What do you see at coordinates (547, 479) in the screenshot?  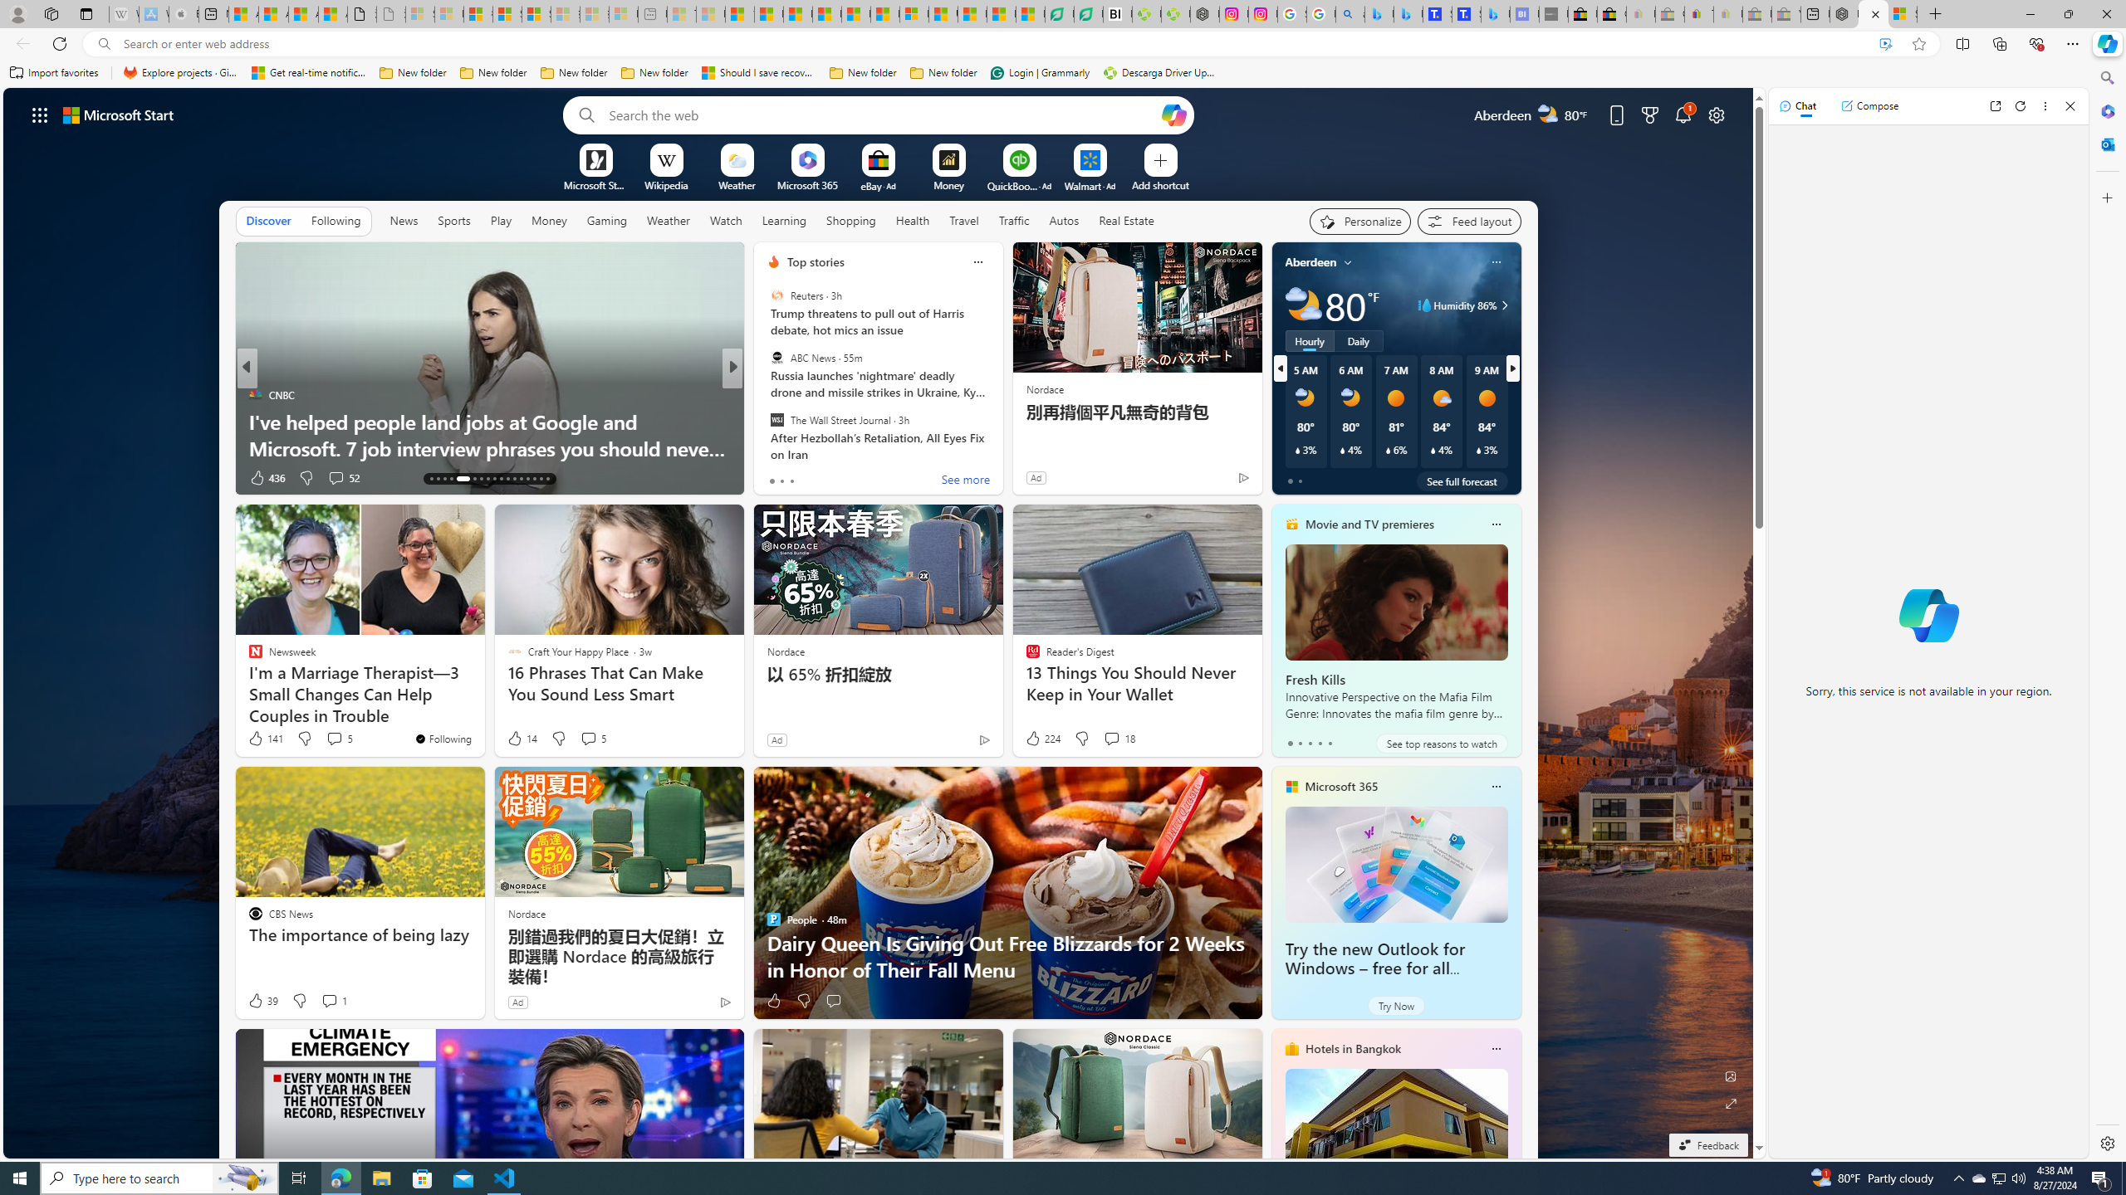 I see `'AutomationID: tab-41'` at bounding box center [547, 479].